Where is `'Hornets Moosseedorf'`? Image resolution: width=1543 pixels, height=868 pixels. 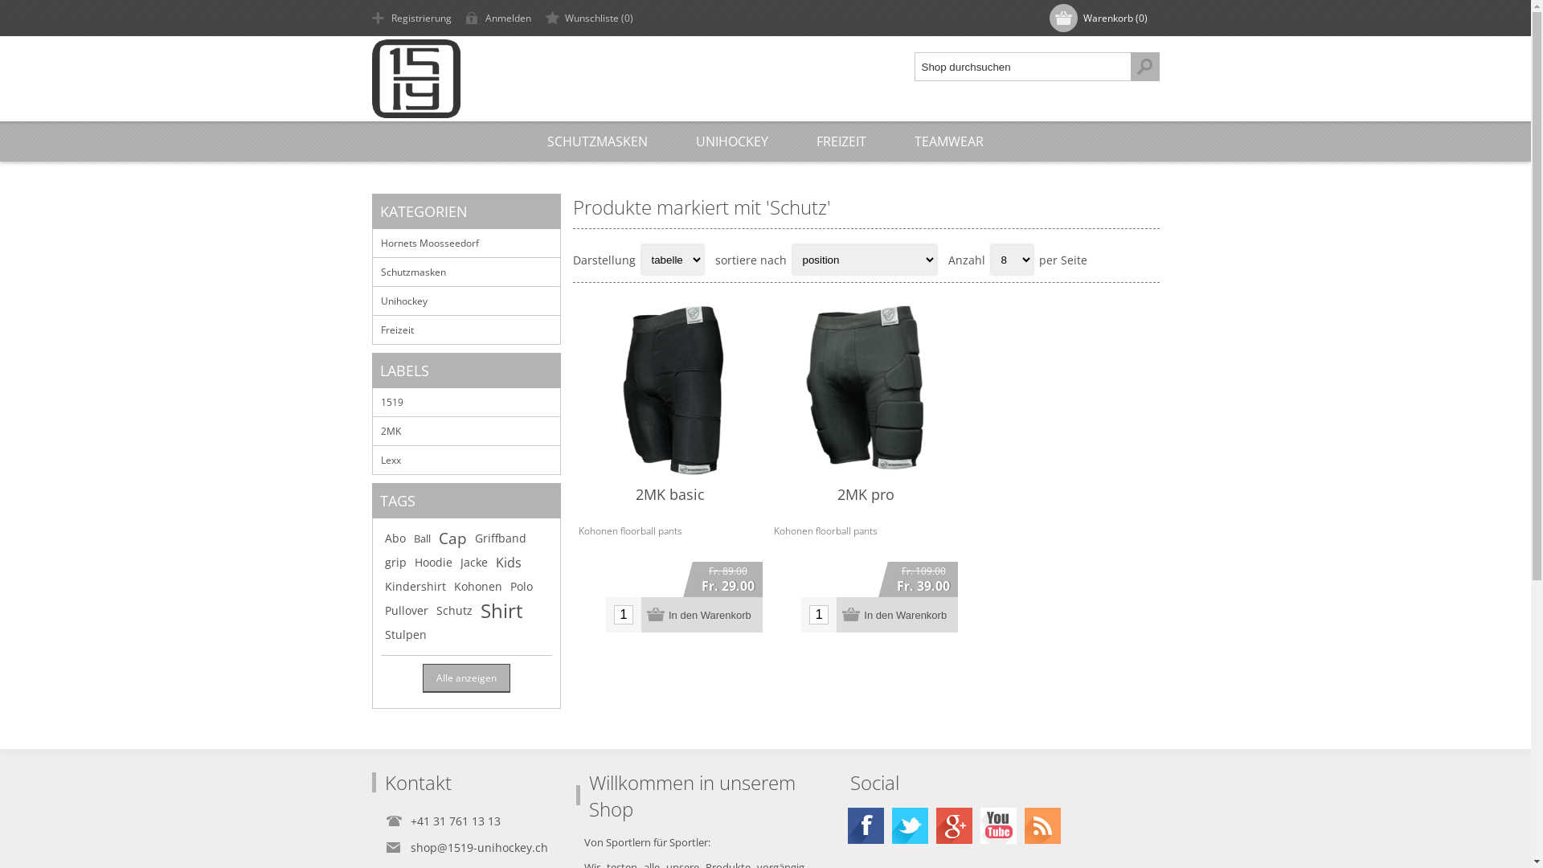
'Hornets Moosseedorf' is located at coordinates (372, 243).